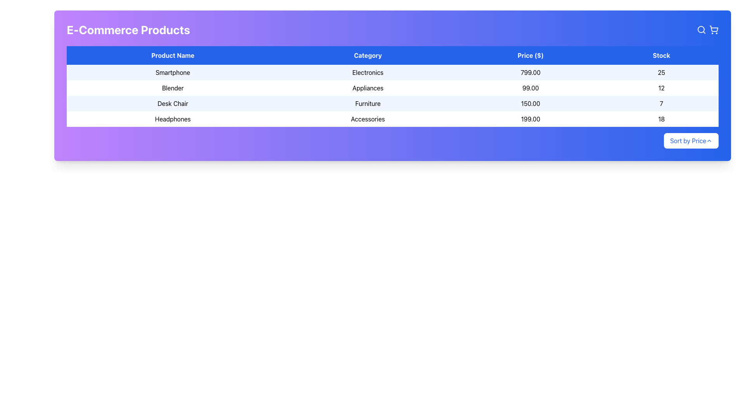 This screenshot has height=419, width=745. I want to click on the 'Category' text label for the 'Headphones' product, which is the second cell in its row, indicating the product's classification, so click(367, 119).